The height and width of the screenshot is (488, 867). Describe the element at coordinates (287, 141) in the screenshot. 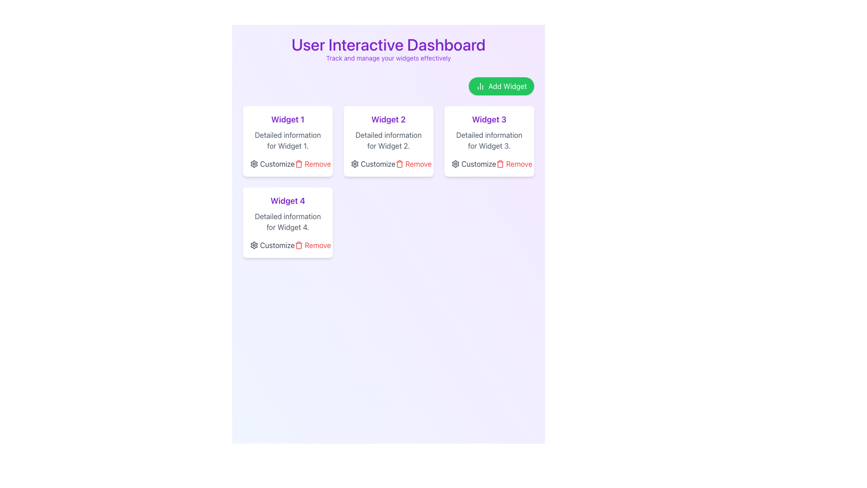

I see `the informational text block that provides a description about Widget 1, located below the header 'Widget 1' and above the 'Customize' and 'Remove' options` at that location.